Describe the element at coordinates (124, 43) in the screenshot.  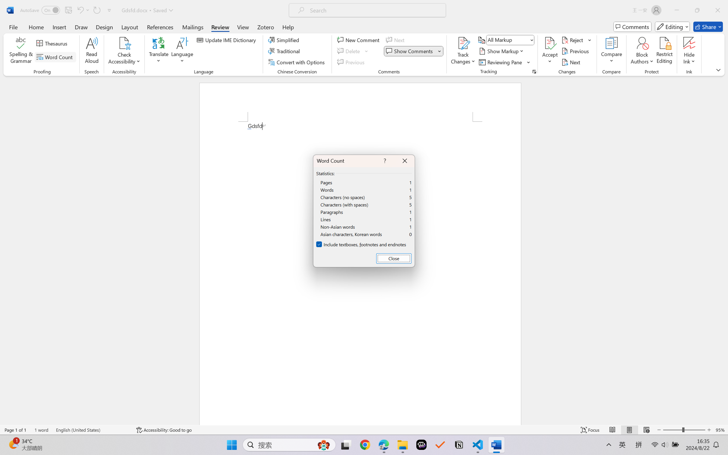
I see `'Check Accessibility'` at that location.